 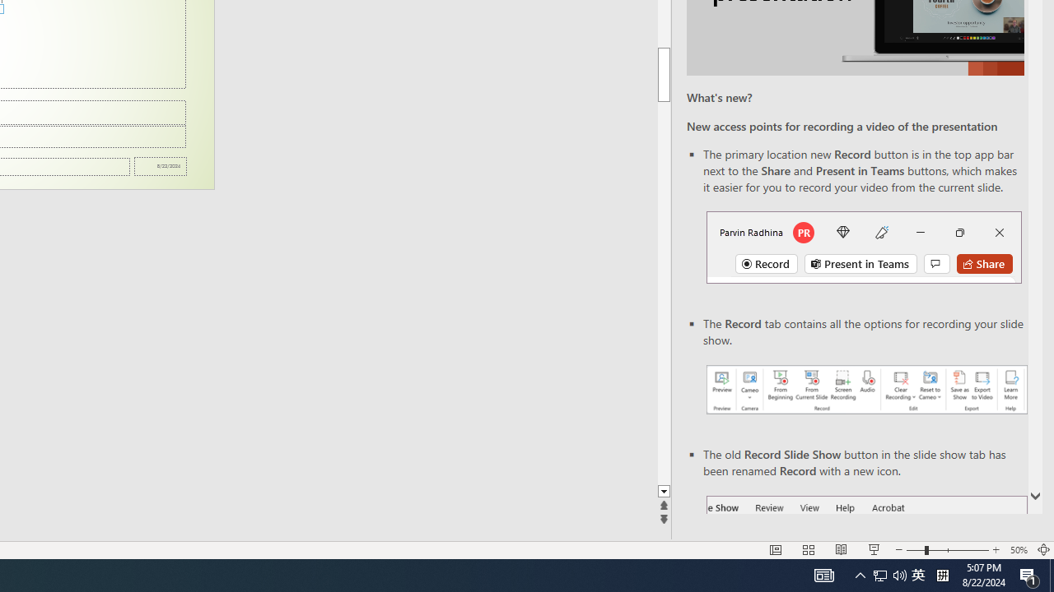 I want to click on 'Date', so click(x=160, y=166).